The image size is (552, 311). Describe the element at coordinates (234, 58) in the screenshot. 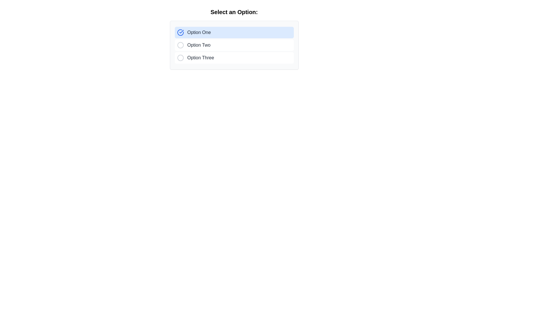

I see `the third option item labeled 'Option Three' in the vertical selection list` at that location.